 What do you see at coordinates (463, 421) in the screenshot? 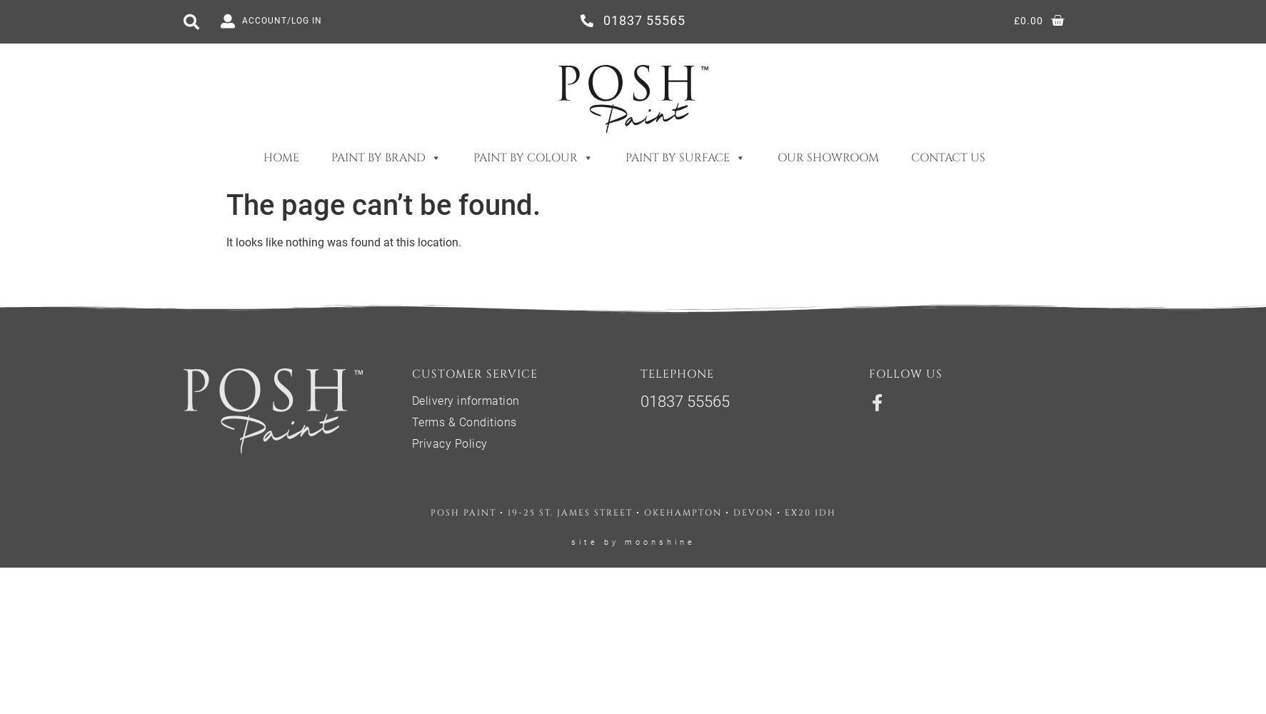
I see `'Terms & Conditions'` at bounding box center [463, 421].